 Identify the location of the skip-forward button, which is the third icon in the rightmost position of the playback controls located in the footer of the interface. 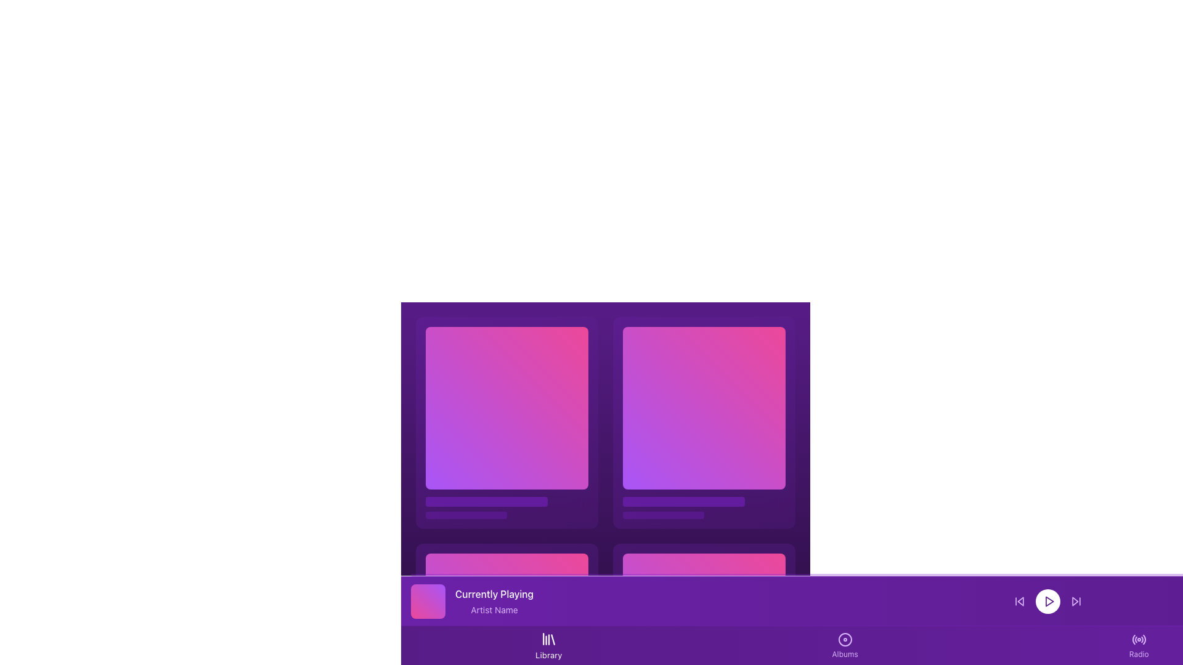
(1075, 600).